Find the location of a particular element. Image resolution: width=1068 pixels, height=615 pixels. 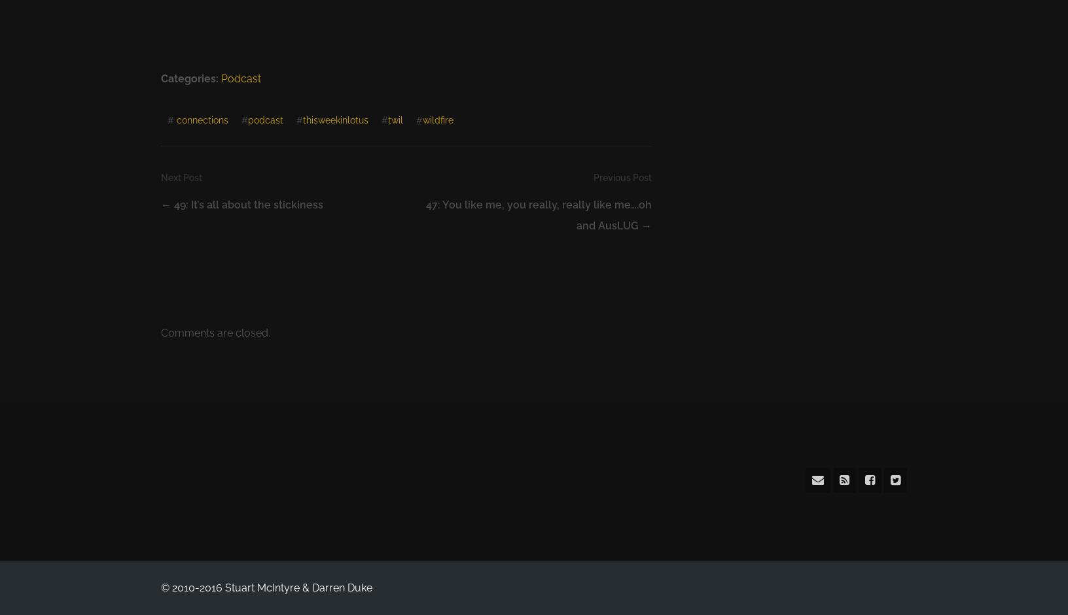

'Categories:' is located at coordinates (190, 78).